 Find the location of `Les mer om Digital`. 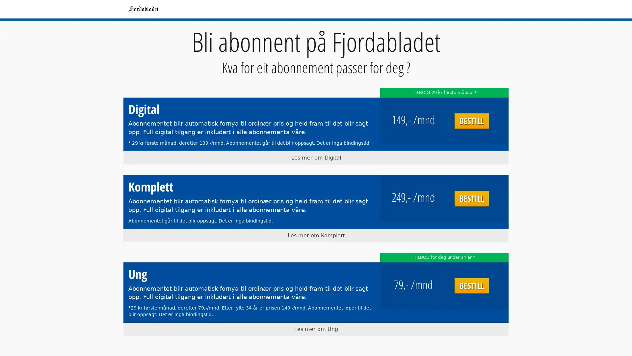

Les mer om Digital is located at coordinates (316, 158).